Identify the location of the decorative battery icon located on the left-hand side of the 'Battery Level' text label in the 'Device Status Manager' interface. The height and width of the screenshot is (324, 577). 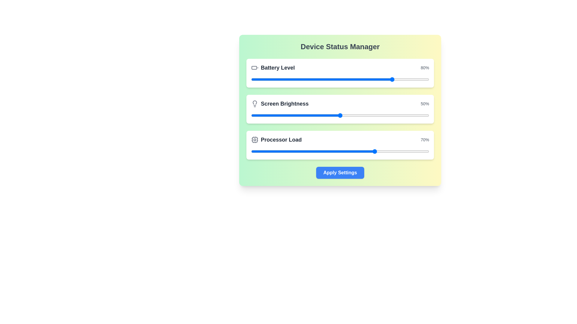
(255, 67).